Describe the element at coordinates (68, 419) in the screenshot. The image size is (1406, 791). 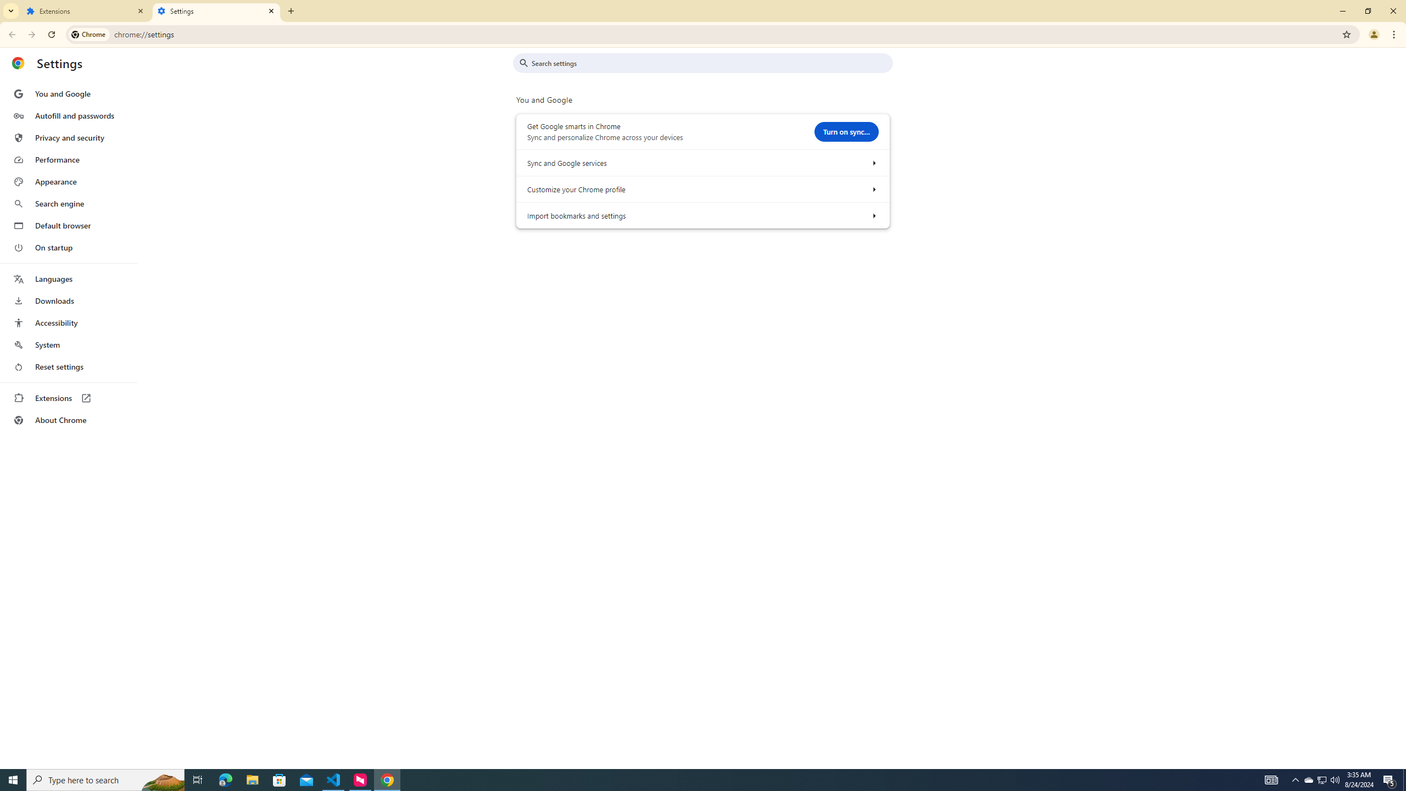
I see `'About Chrome'` at that location.